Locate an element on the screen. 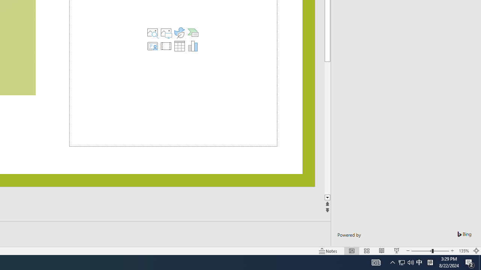 This screenshot has height=270, width=481. 'Normal' is located at coordinates (351, 251).